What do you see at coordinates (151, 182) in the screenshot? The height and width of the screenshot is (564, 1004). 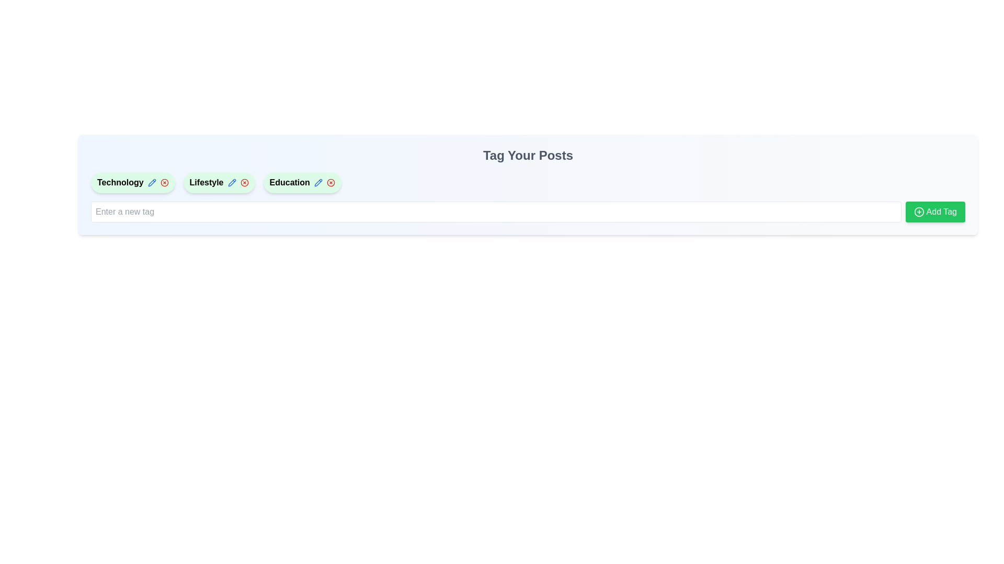 I see `the blue pencil icon displayed on the 'Technology' label, positioned on the right side of the text` at bounding box center [151, 182].